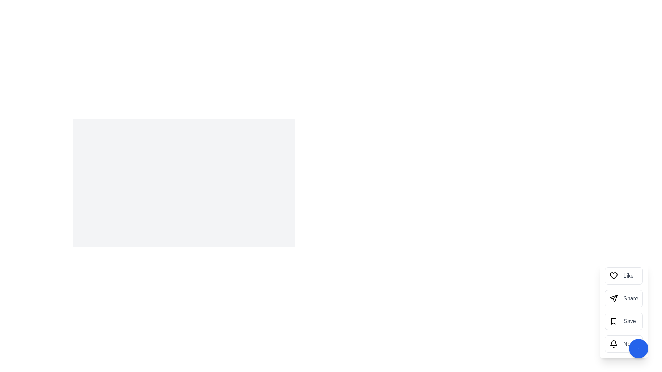 The image size is (662, 372). What do you see at coordinates (624, 344) in the screenshot?
I see `the 'Notify' button, which is the fourth button in a vertical stack, featuring a bell icon on the left and styled with a light background and rounded corners` at bounding box center [624, 344].